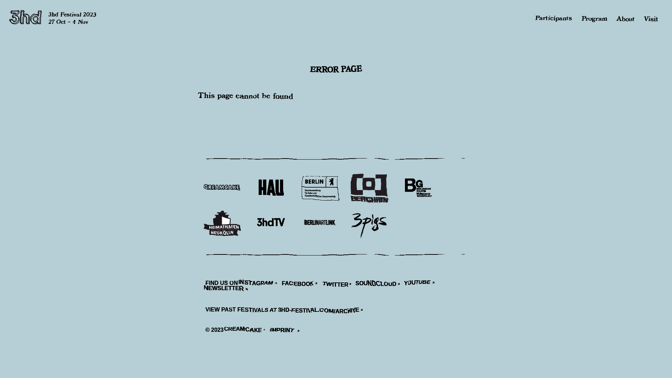  I want to click on 'CREAMCAKE', so click(226, 331).